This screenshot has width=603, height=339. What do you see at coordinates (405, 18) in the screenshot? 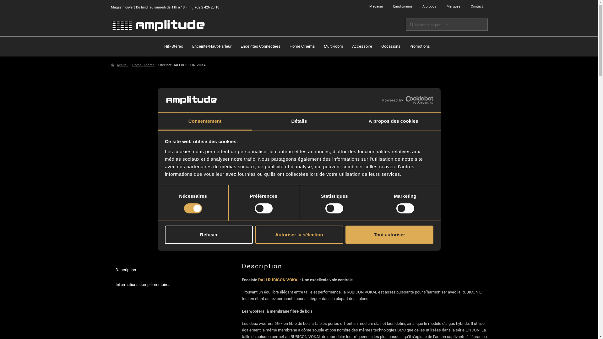
I see `'Recherche'` at bounding box center [405, 18].